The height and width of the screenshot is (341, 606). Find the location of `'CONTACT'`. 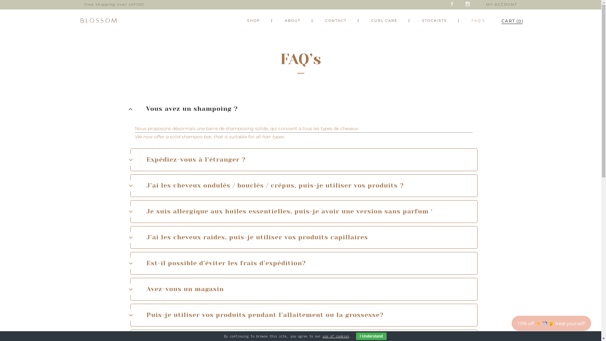

'CONTACT' is located at coordinates (335, 20).